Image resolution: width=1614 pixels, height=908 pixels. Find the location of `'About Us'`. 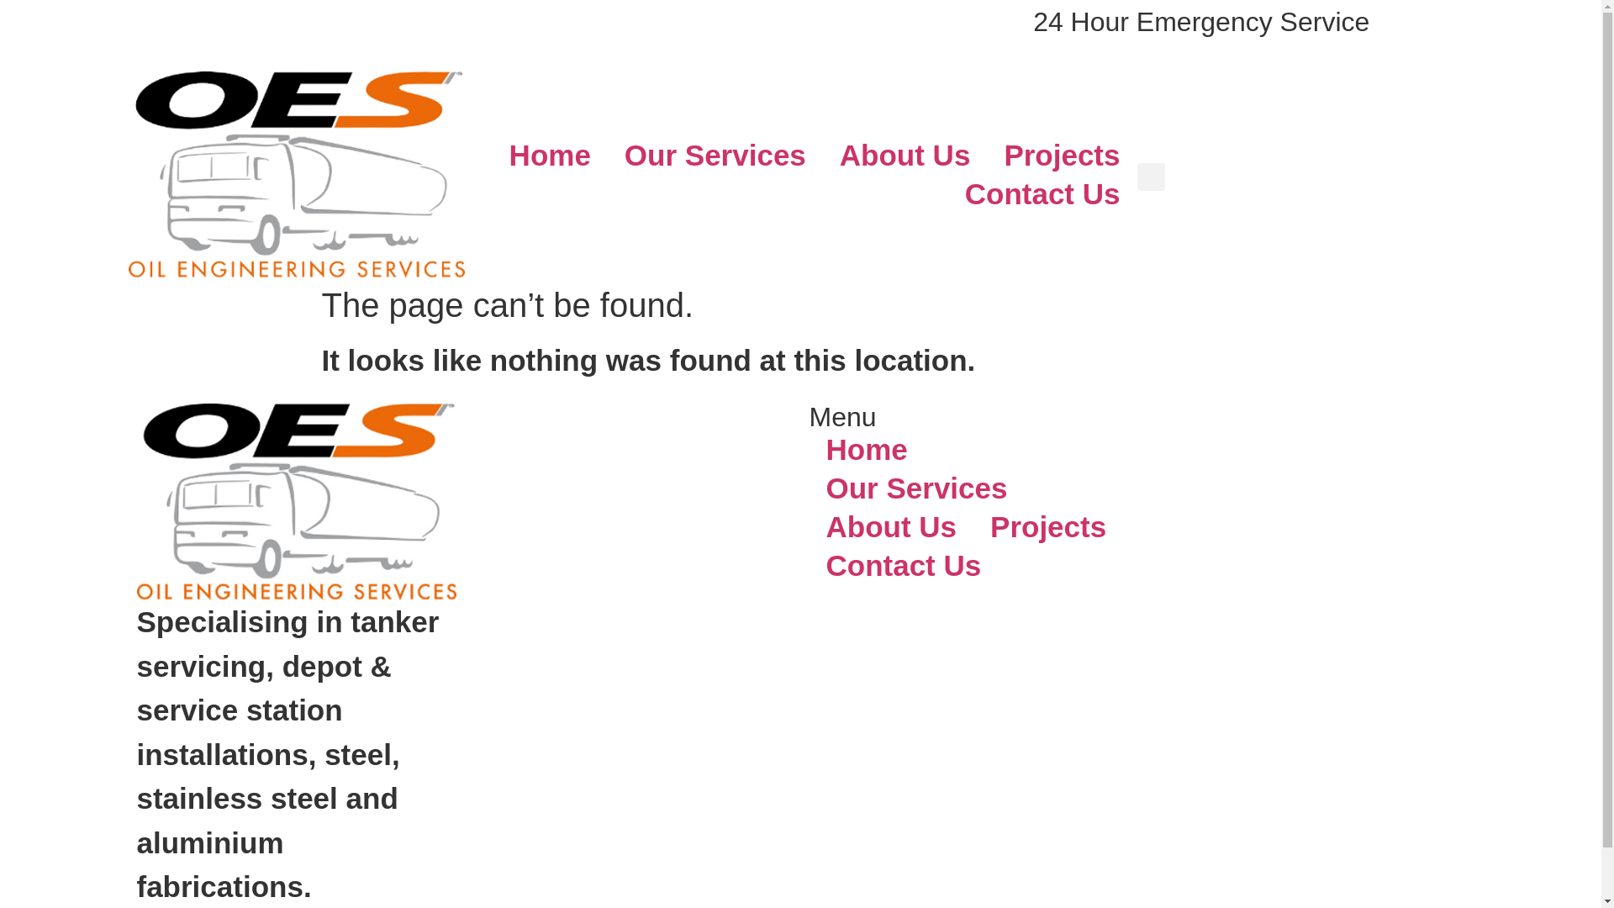

'About Us' is located at coordinates (904, 156).